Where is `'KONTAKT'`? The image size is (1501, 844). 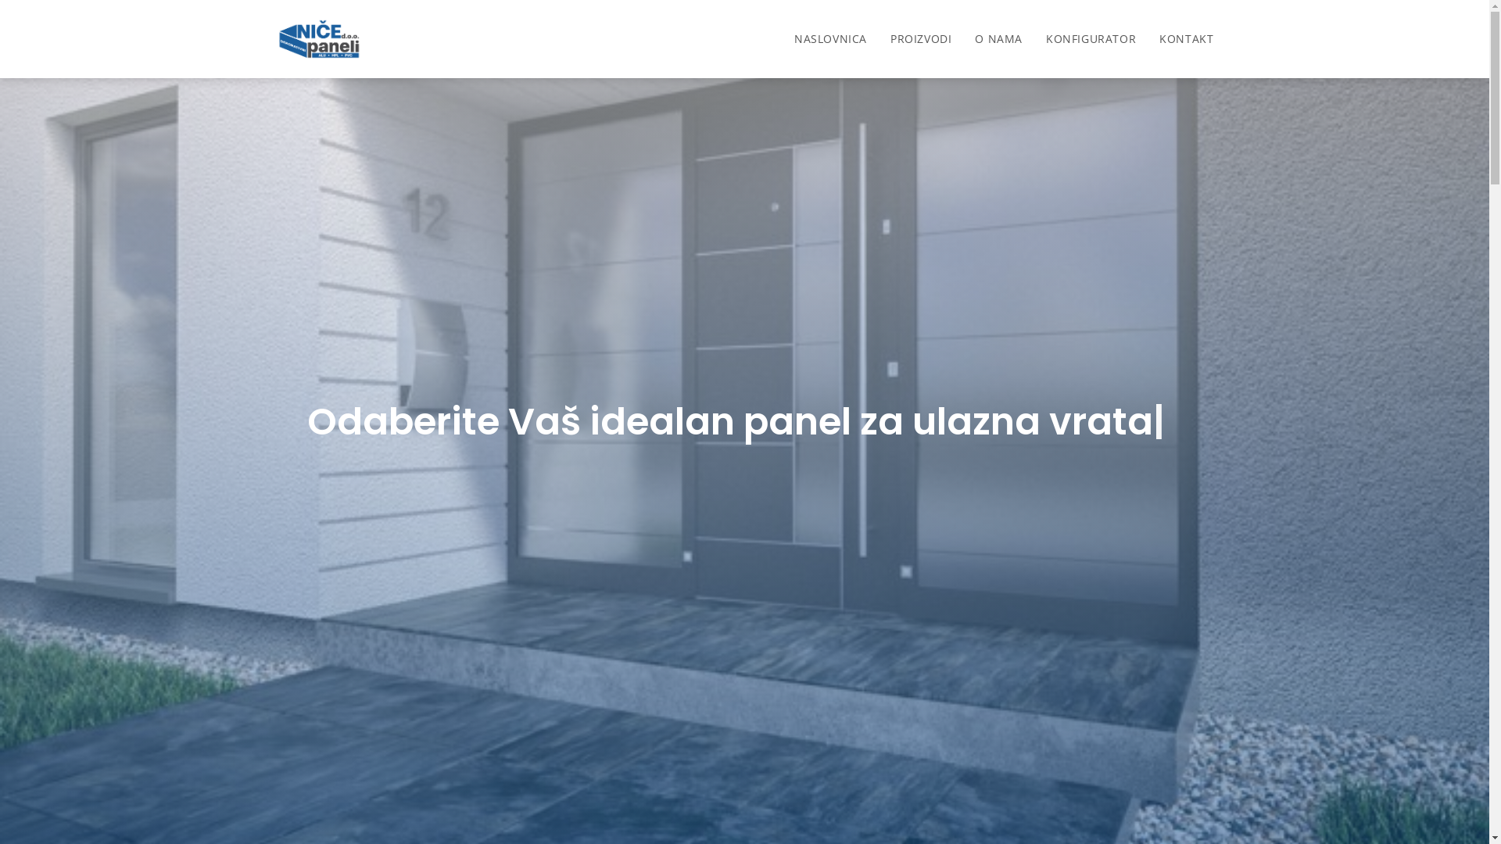 'KONTAKT' is located at coordinates (1148, 38).